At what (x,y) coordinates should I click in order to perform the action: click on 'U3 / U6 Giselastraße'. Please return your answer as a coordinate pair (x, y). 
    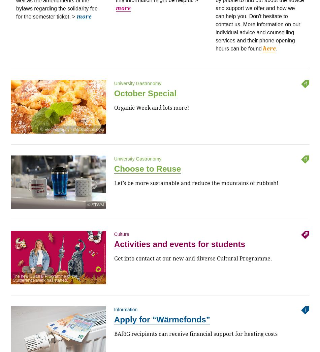
    Looking at the image, I should click on (109, 267).